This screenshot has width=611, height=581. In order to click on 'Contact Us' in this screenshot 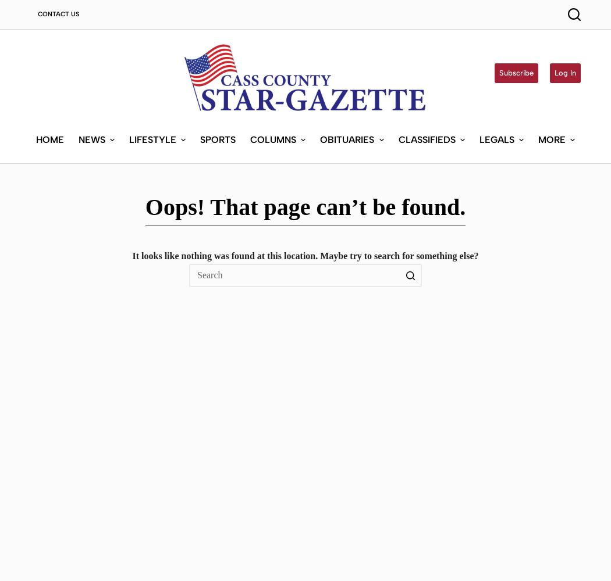, I will do `click(58, 13)`.